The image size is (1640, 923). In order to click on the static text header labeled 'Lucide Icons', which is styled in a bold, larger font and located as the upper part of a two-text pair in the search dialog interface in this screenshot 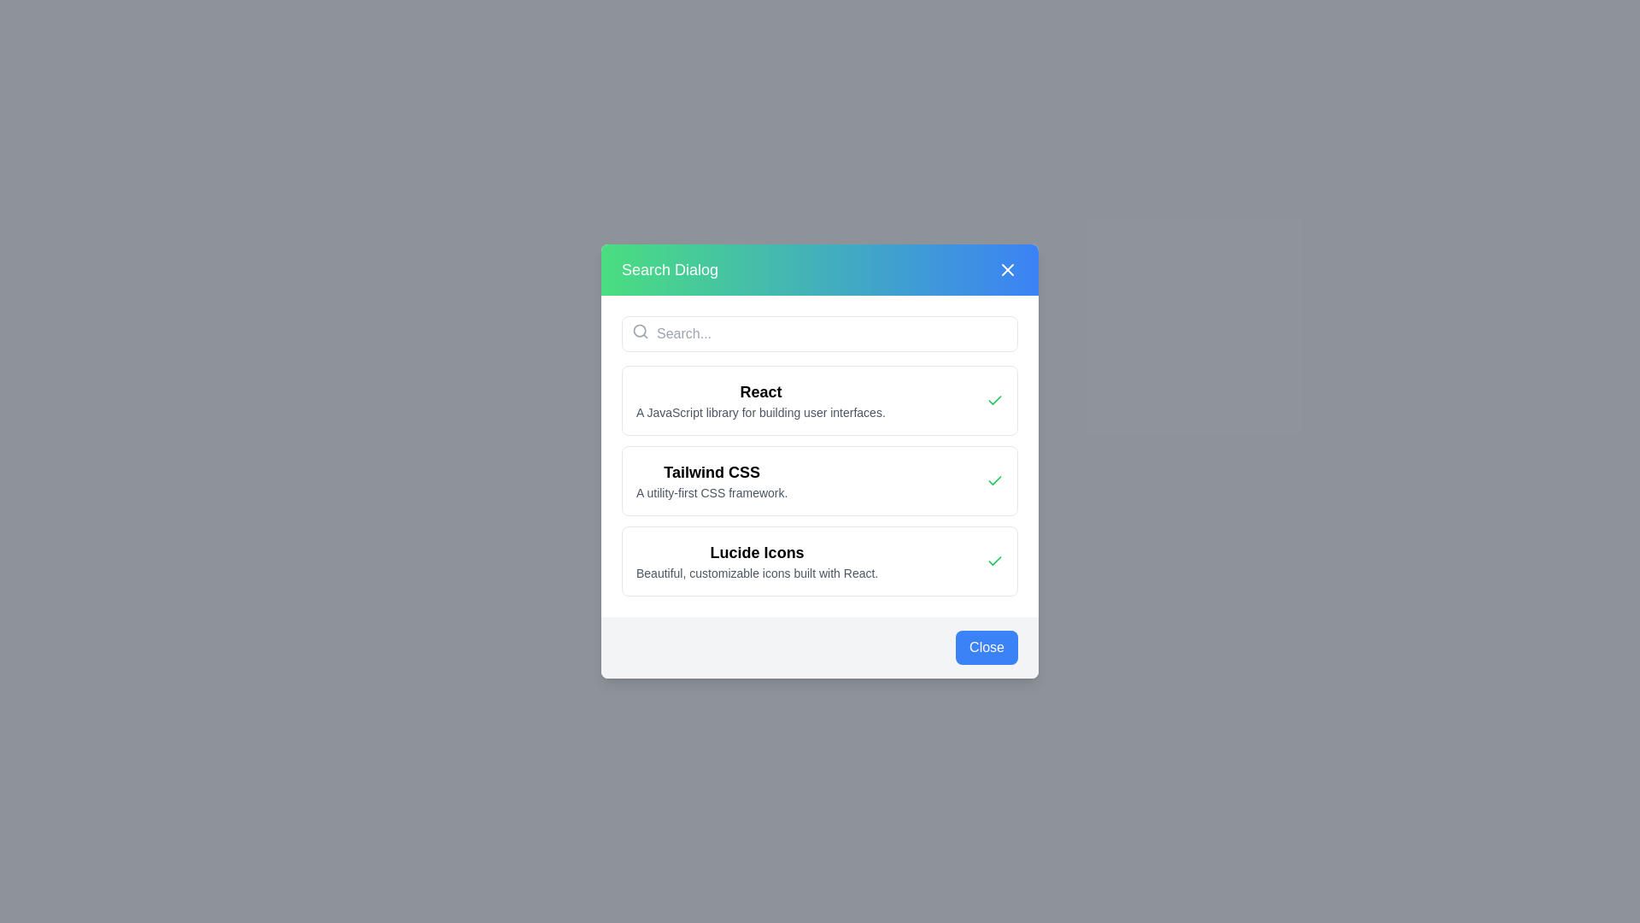, I will do `click(756, 553)`.